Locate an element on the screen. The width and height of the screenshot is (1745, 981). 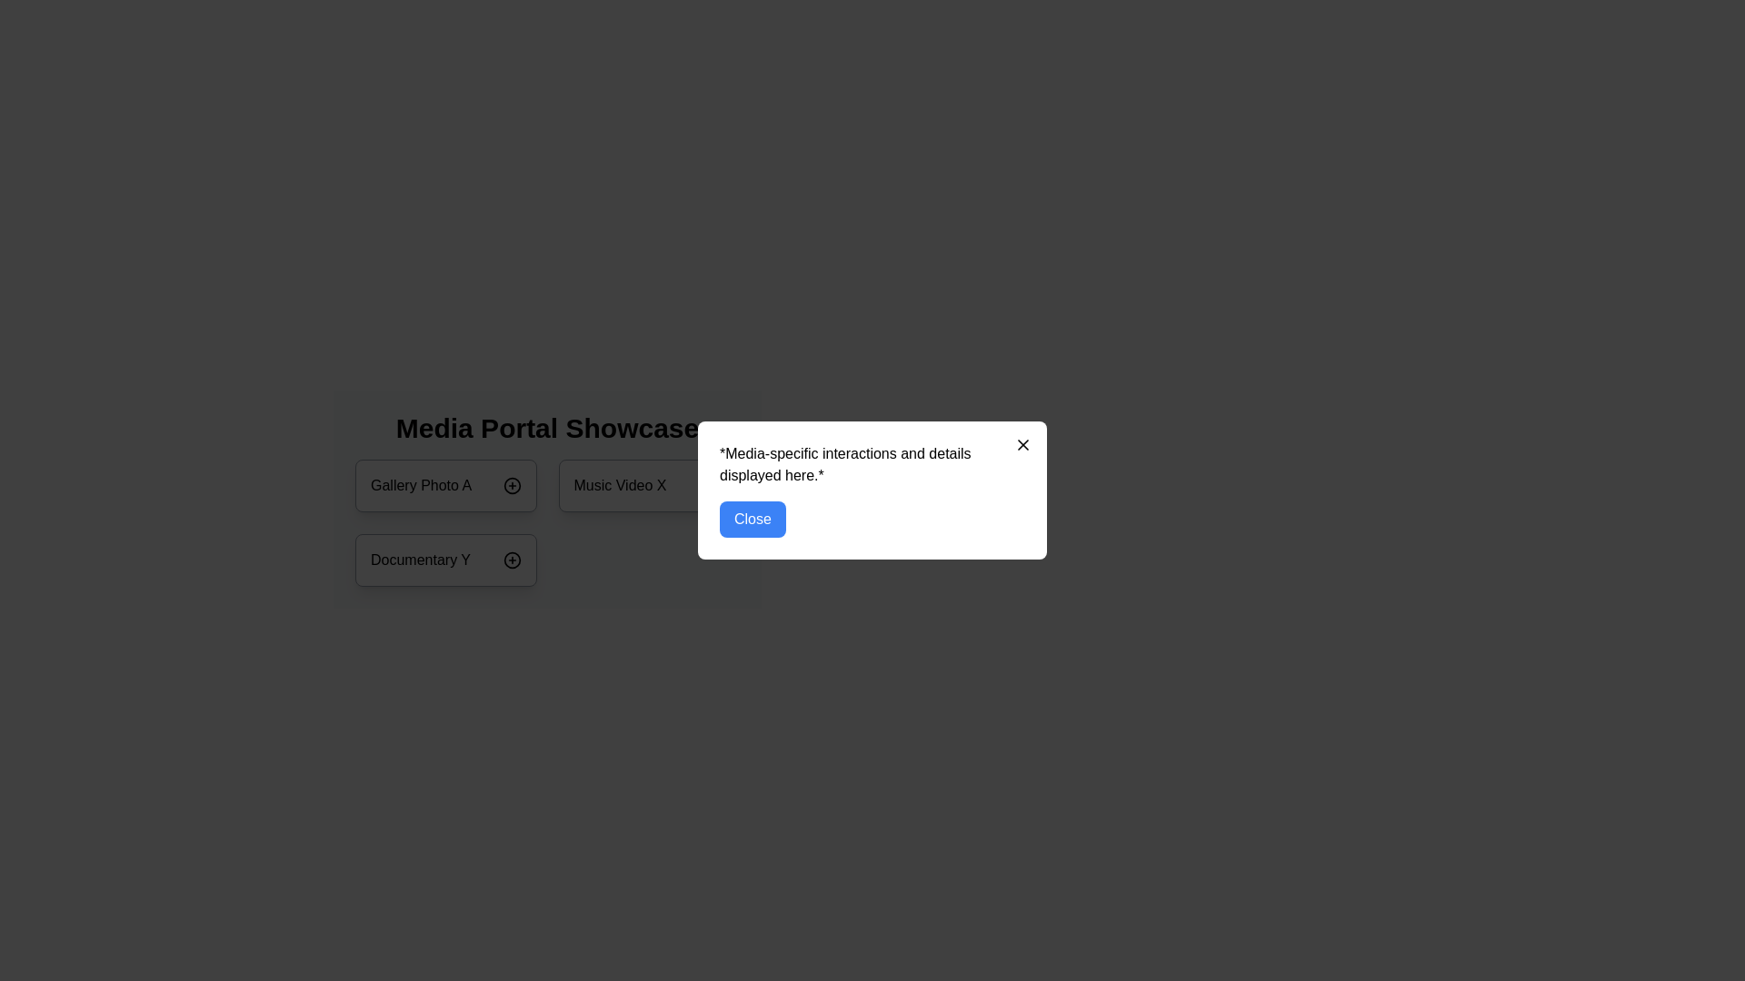
the circular icon with a minimalist plus sign design located next to the text in the 'Gallery Photo A' component is located at coordinates (511, 485).